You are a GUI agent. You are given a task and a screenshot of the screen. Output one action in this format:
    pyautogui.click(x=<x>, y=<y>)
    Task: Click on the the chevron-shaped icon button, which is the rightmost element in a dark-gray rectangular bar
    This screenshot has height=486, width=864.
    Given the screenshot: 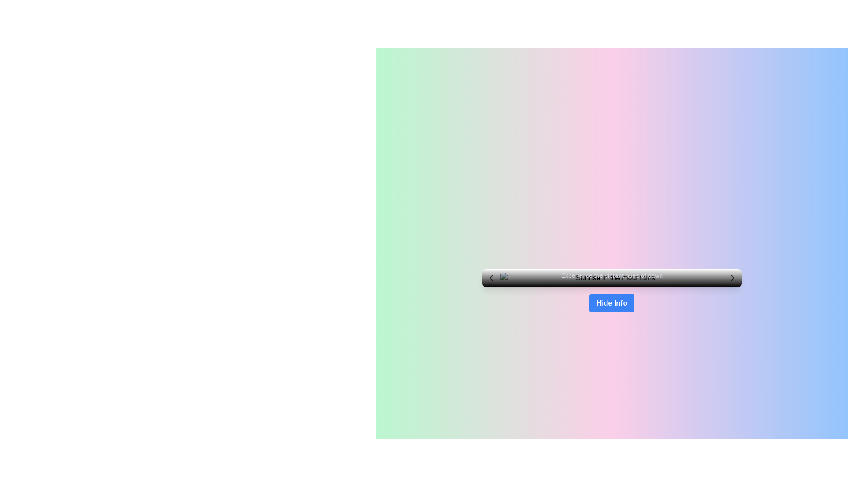 What is the action you would take?
    pyautogui.click(x=732, y=277)
    